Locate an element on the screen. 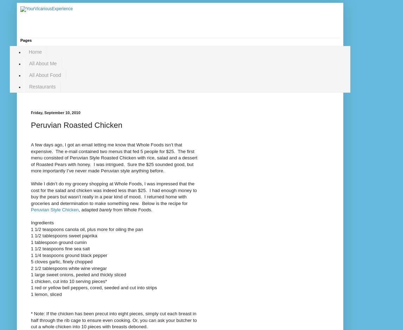 This screenshot has width=403, height=330. 'I returned home with groceries and determination to make something new.' is located at coordinates (108, 200).